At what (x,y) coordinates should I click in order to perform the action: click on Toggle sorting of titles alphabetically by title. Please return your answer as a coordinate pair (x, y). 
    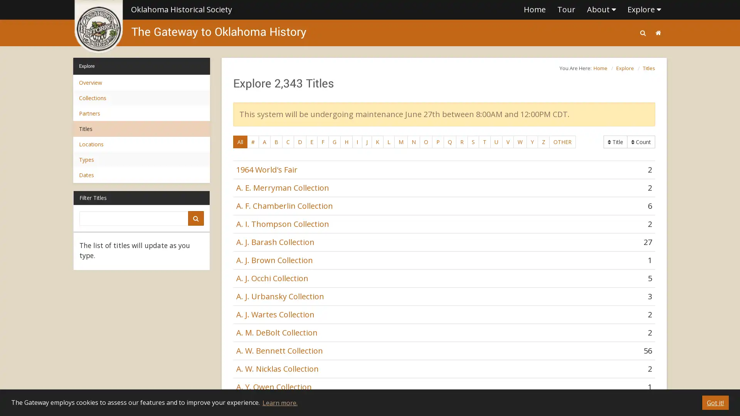
    Looking at the image, I should click on (615, 142).